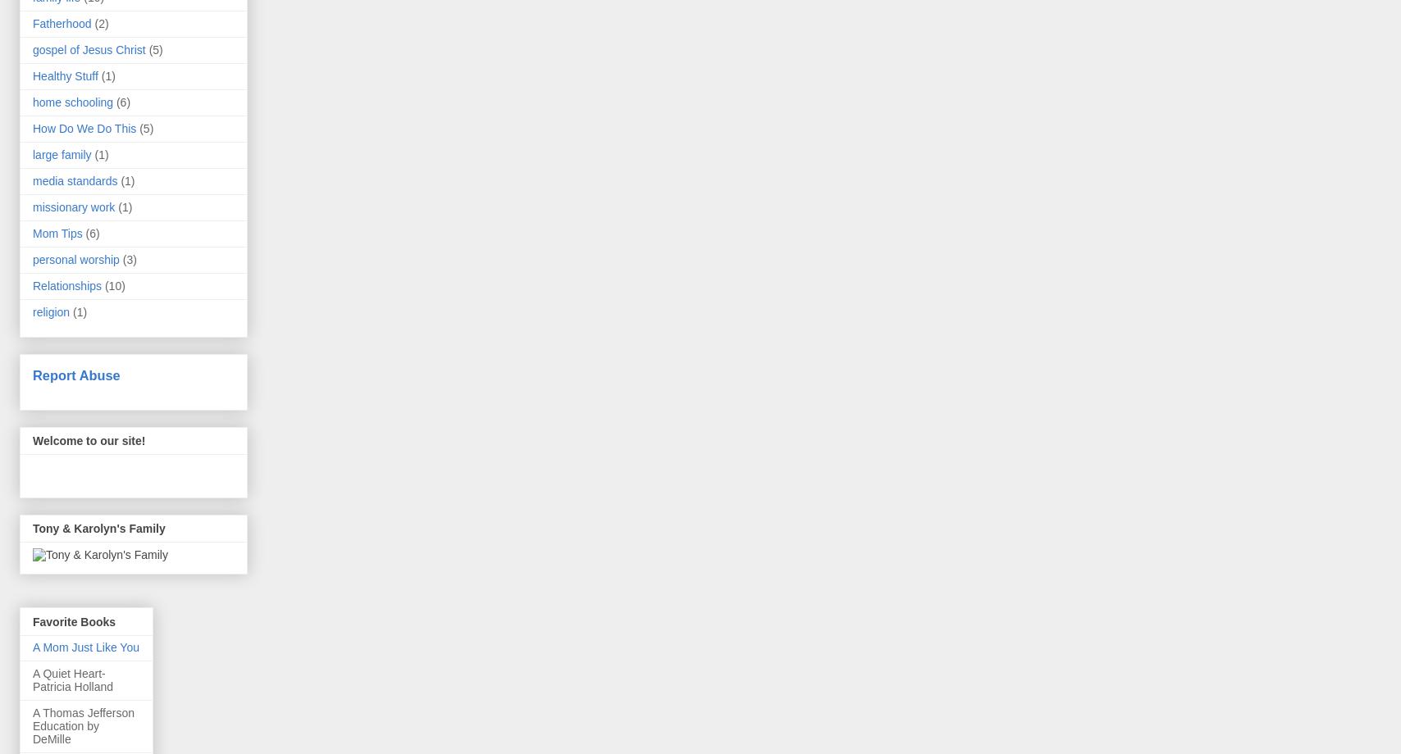 The height and width of the screenshot is (754, 1401). Describe the element at coordinates (121, 259) in the screenshot. I see `'(3)'` at that location.